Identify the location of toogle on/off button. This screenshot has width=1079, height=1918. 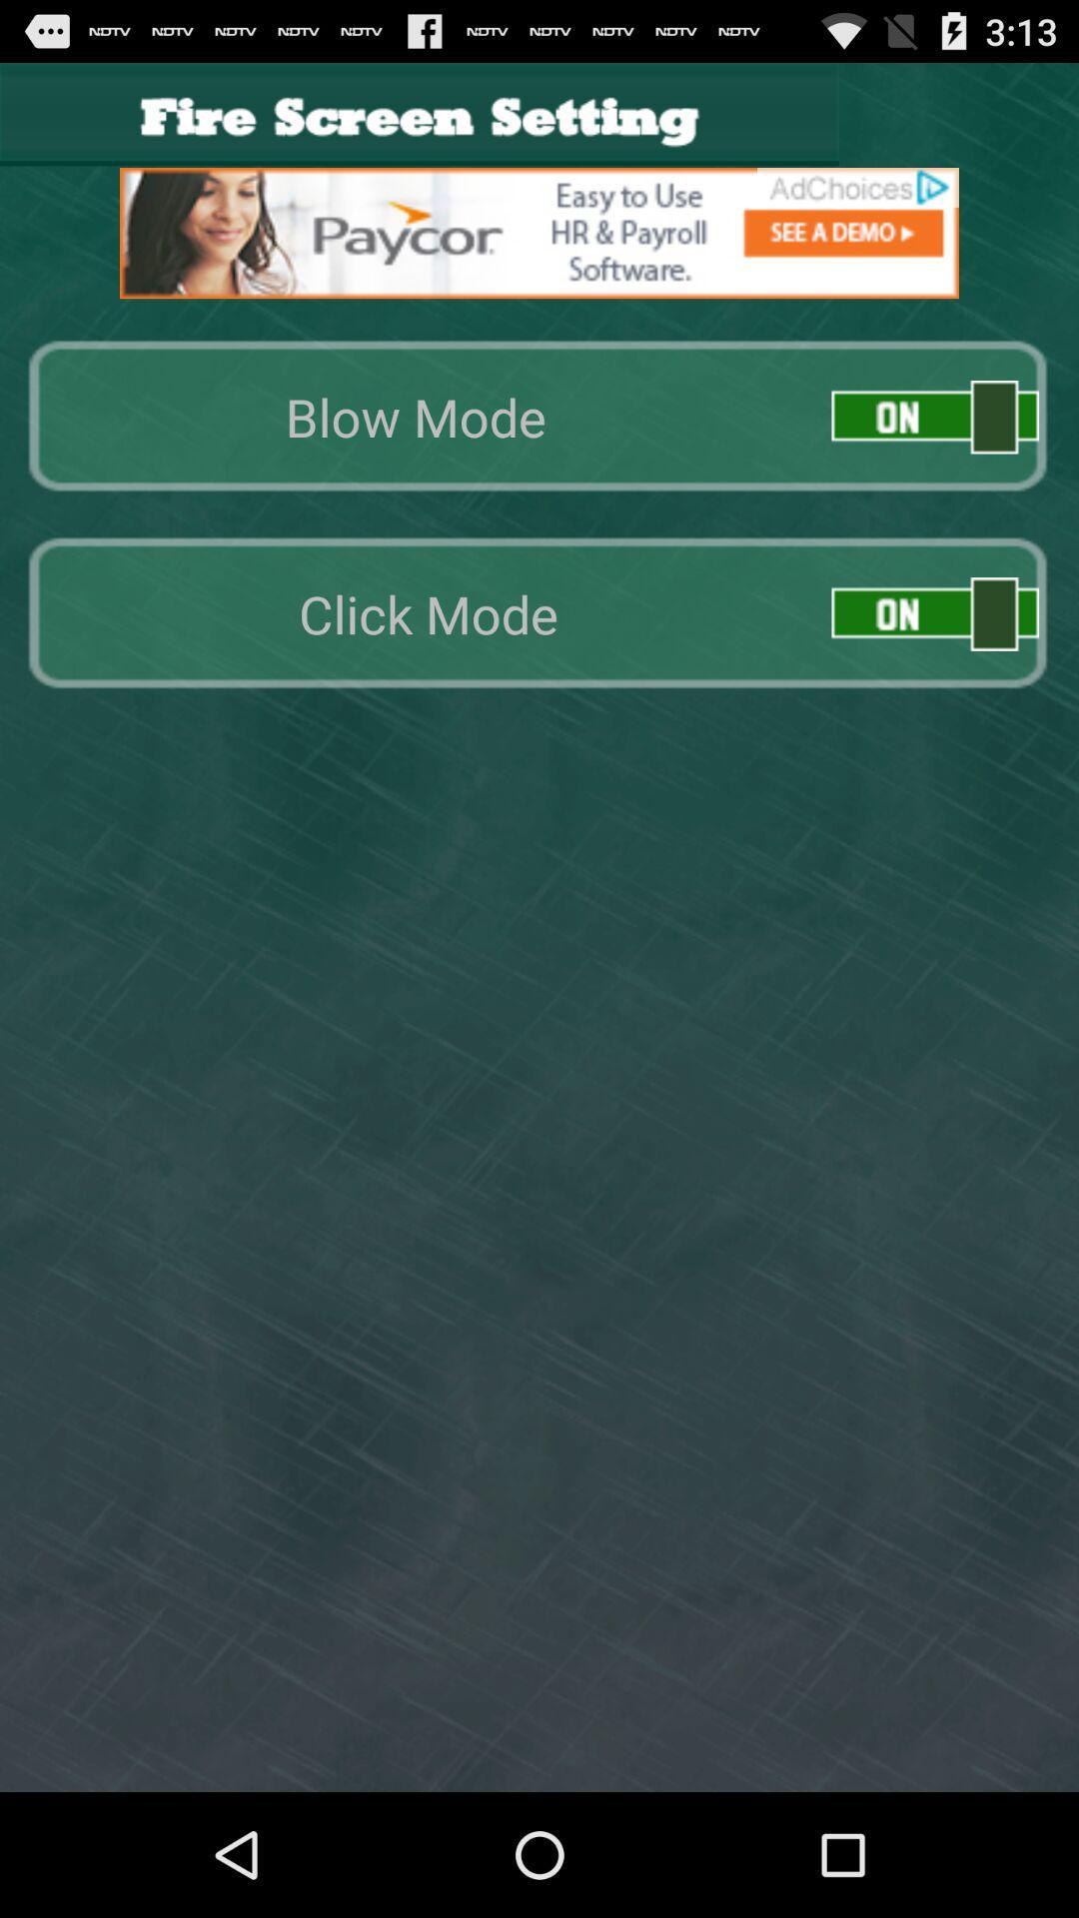
(935, 416).